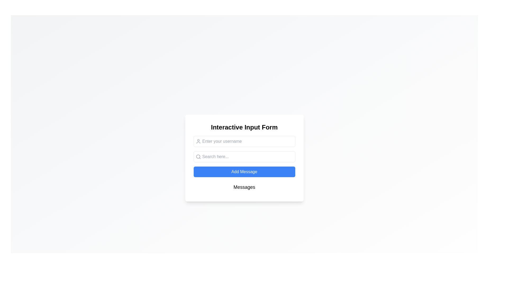 The height and width of the screenshot is (286, 508). I want to click on the blue 'Add Message' button with rounded corners located near the bottom of the form, so click(244, 172).